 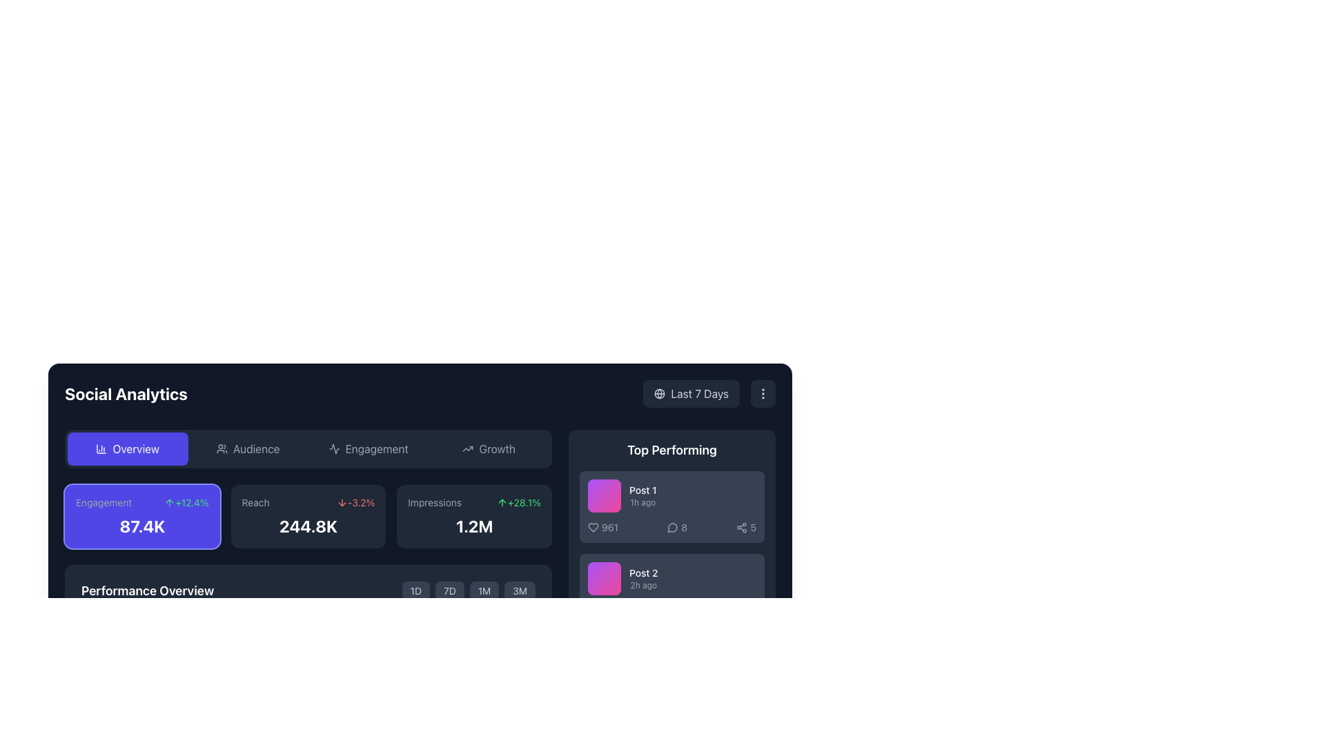 I want to click on the interactive ellipsis icon located at the top-right corner of the interface, so click(x=762, y=393).